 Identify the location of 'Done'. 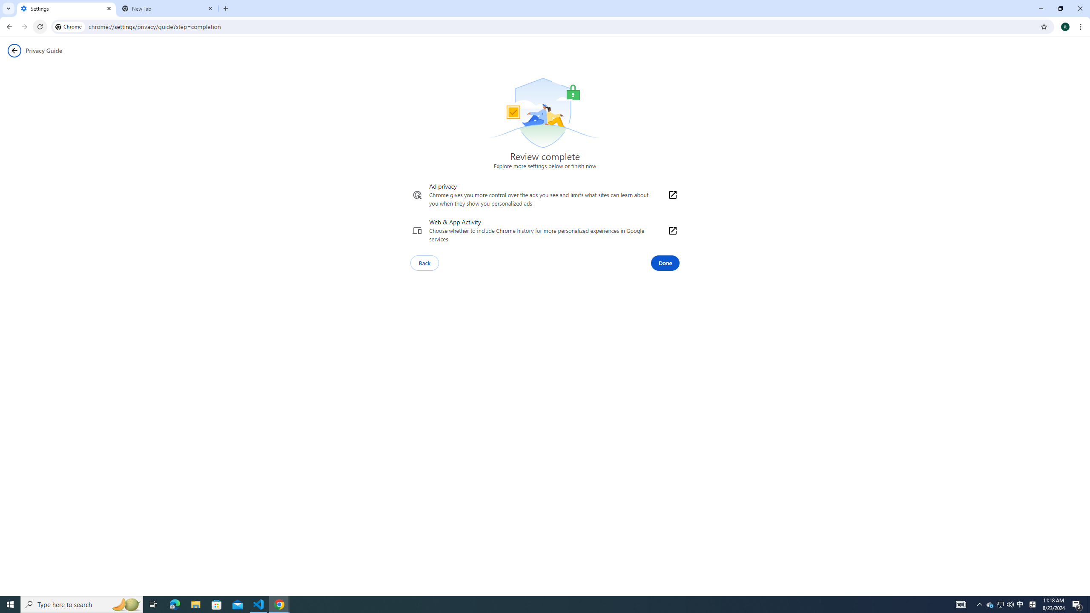
(665, 263).